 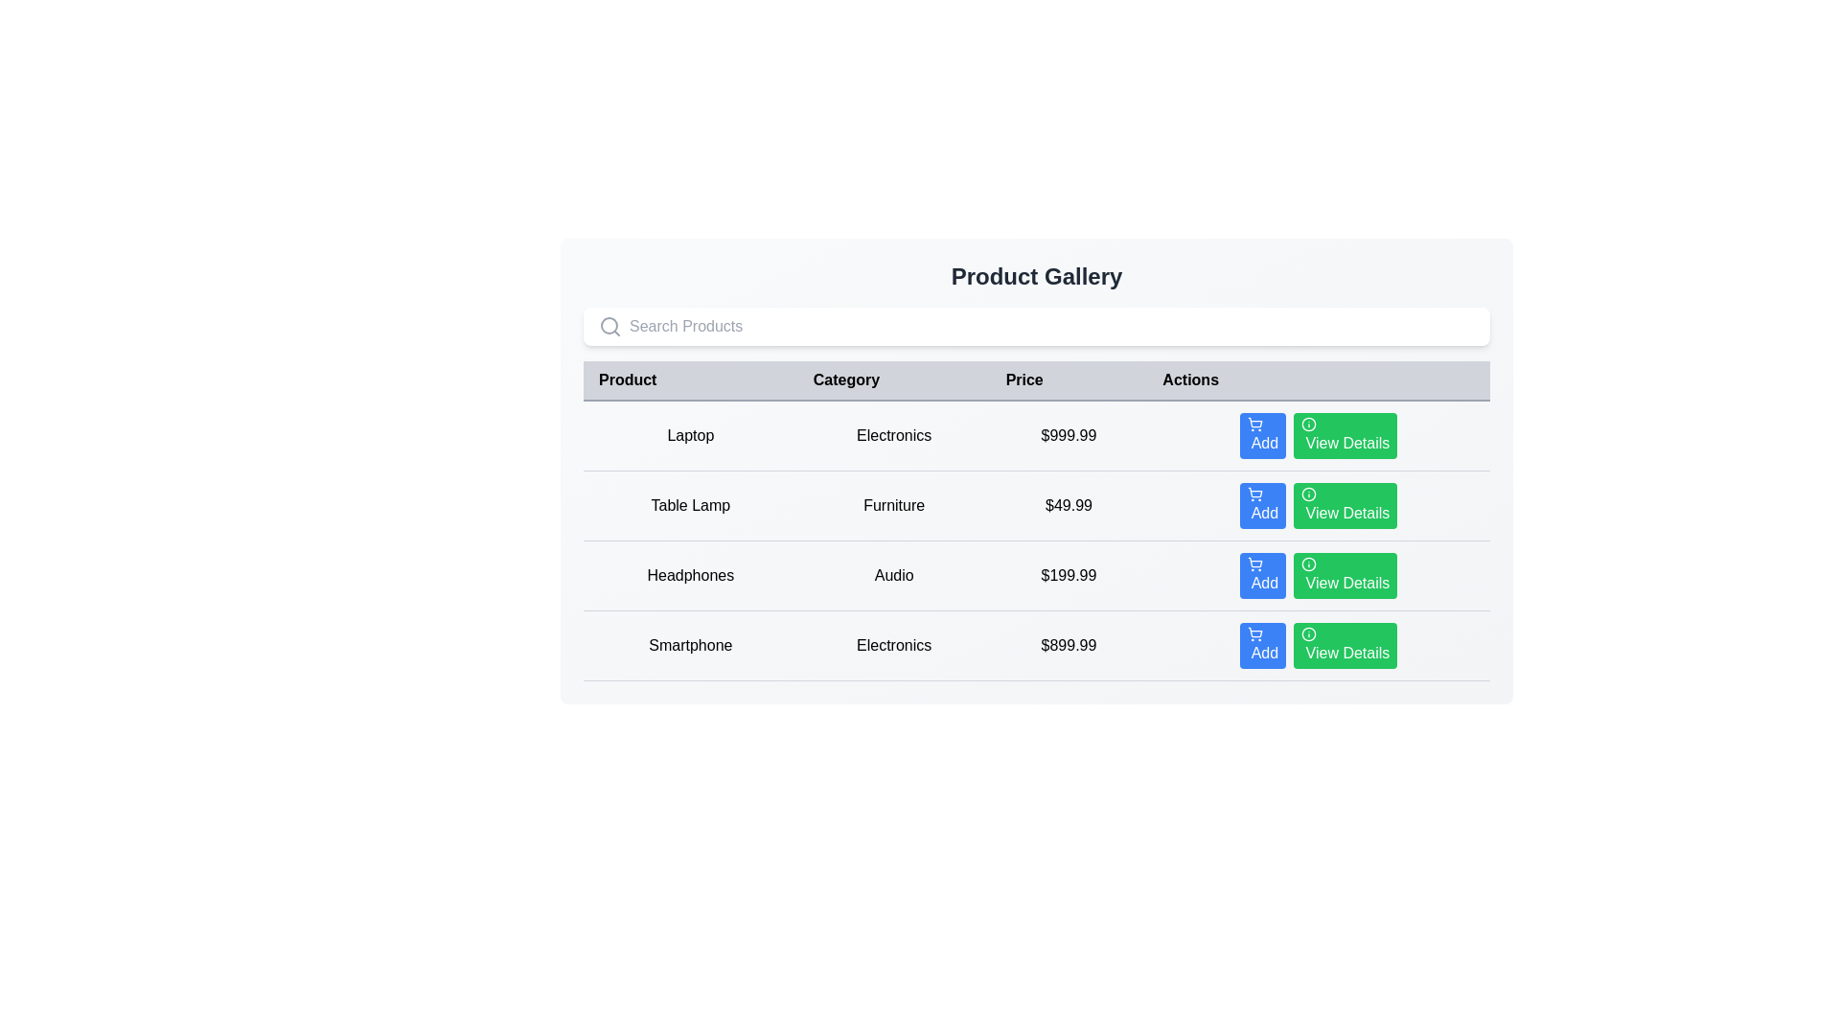 What do you see at coordinates (1345, 505) in the screenshot?
I see `the green 'View Details' button with white text, which has an info icon to the left and is the second button in the 'Actions' column of the second row of the table` at bounding box center [1345, 505].